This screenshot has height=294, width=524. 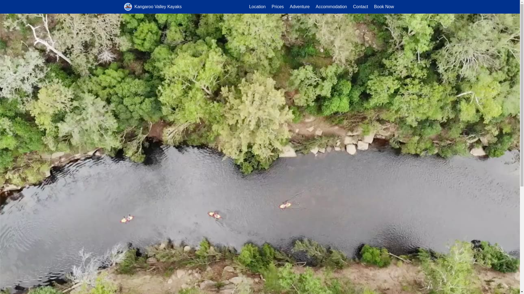 I want to click on 'Book Now', so click(x=384, y=7).